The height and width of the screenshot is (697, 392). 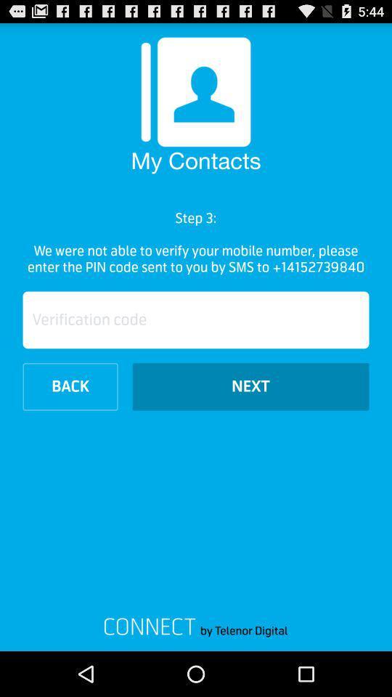 What do you see at coordinates (250, 386) in the screenshot?
I see `the icon next to the back item` at bounding box center [250, 386].